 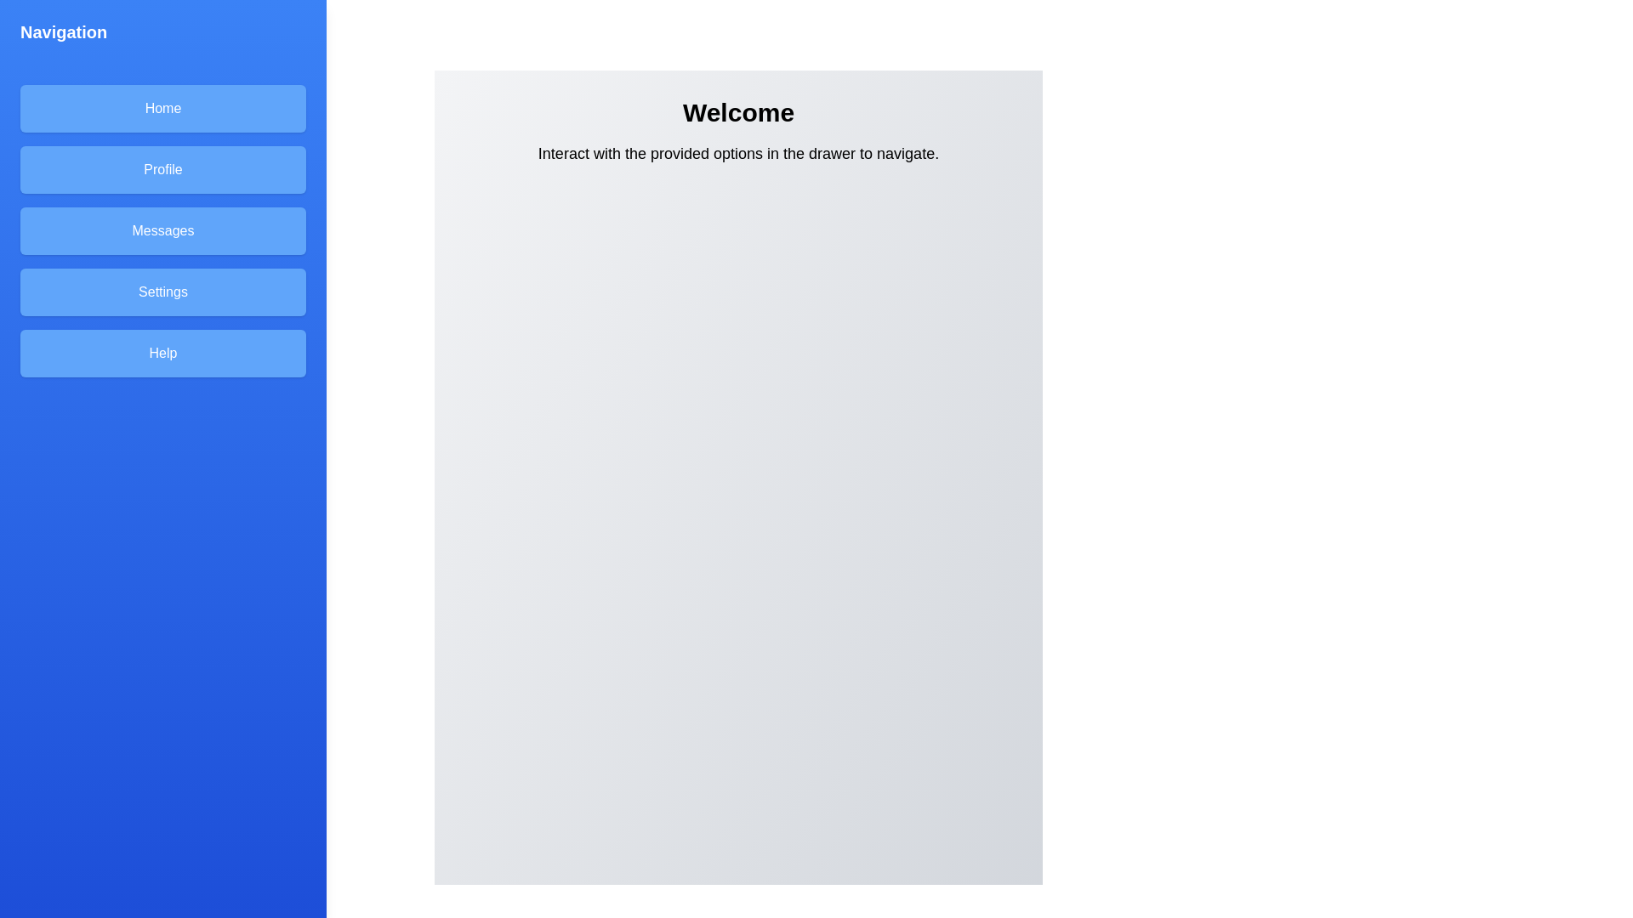 What do you see at coordinates (163, 291) in the screenshot?
I see `the Settings in the navigation drawer to navigate` at bounding box center [163, 291].